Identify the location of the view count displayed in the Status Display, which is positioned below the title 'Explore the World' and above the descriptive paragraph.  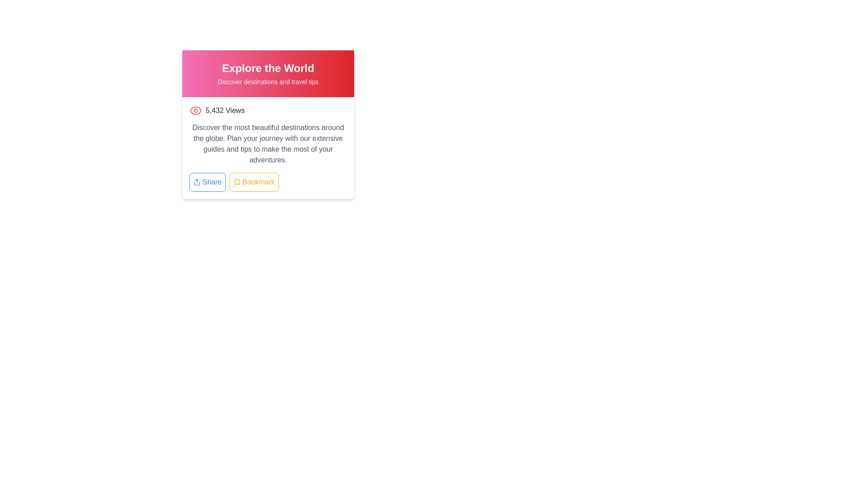
(267, 110).